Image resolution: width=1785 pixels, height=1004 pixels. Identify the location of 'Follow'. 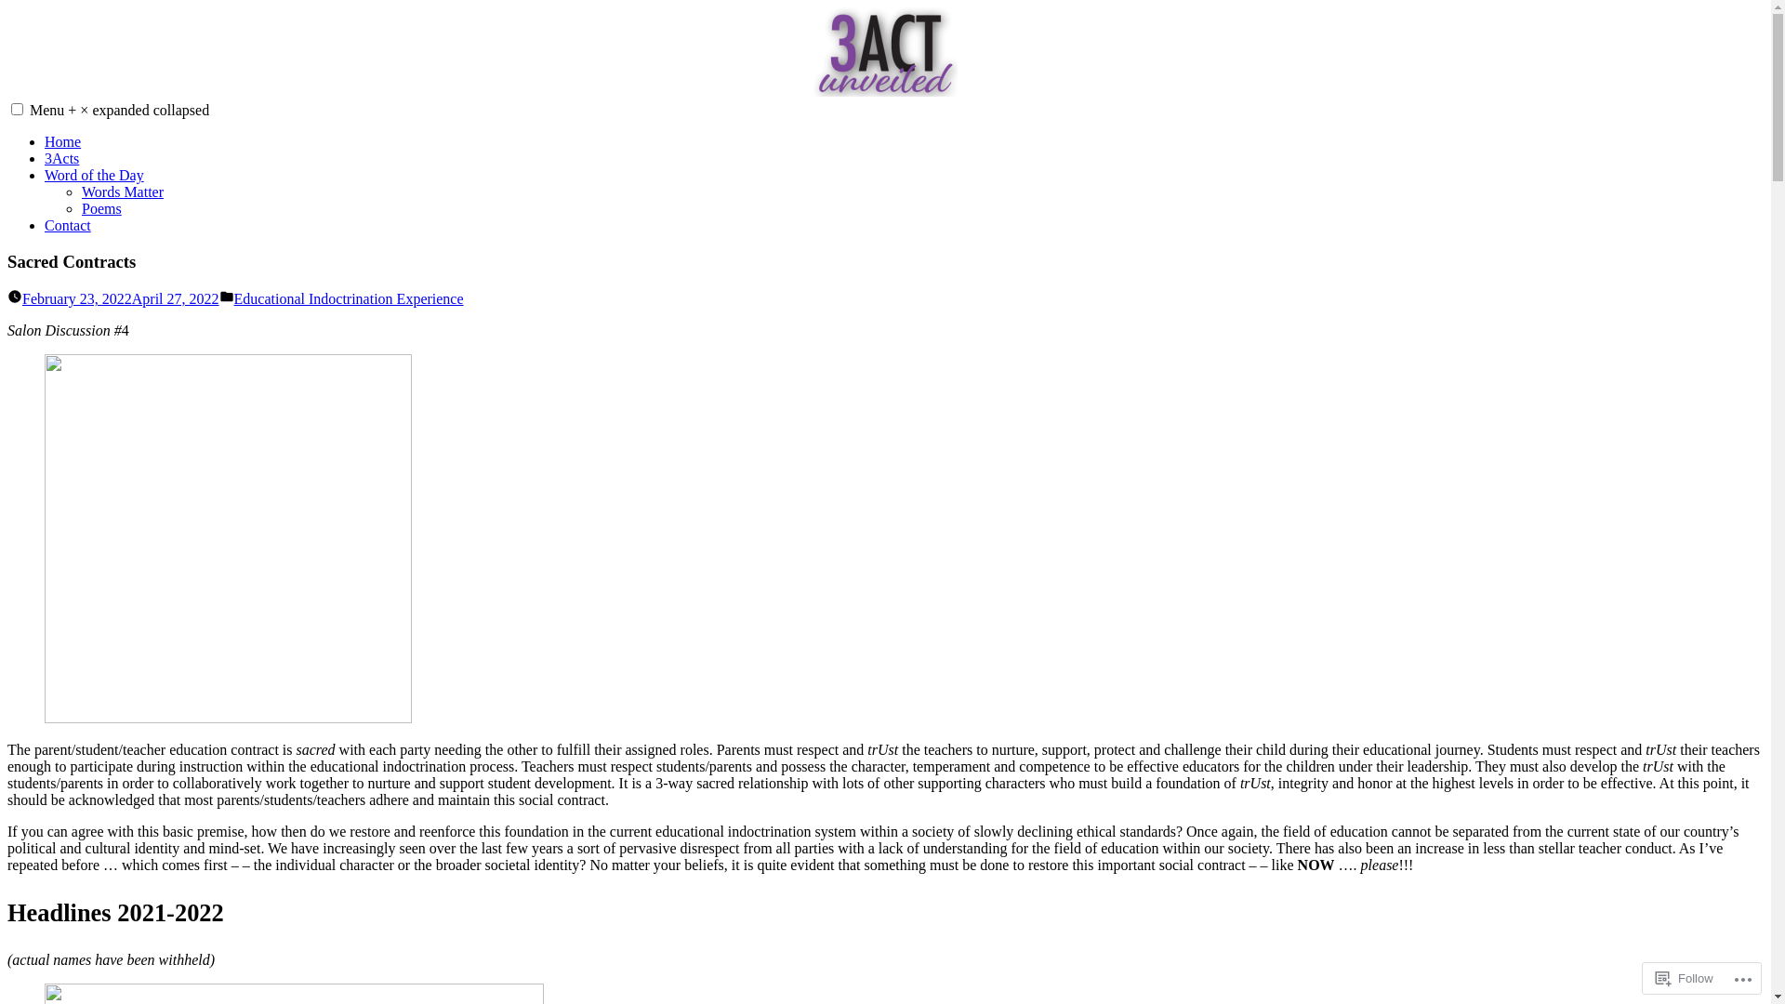
(1685, 977).